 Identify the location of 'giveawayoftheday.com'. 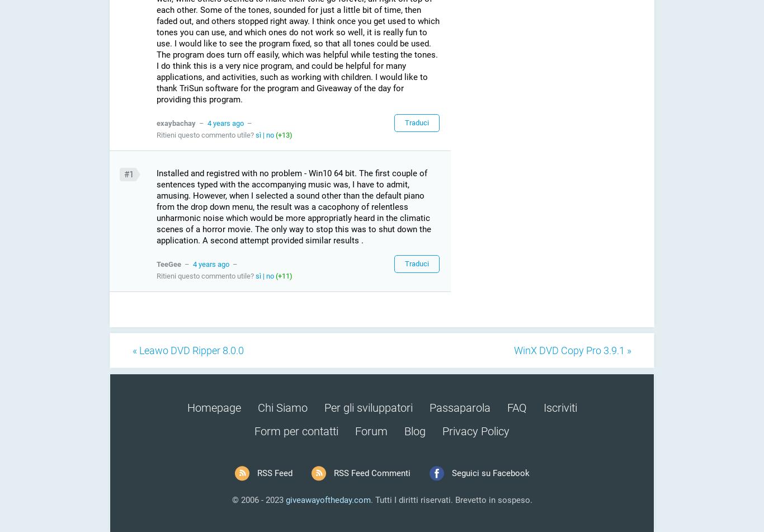
(327, 500).